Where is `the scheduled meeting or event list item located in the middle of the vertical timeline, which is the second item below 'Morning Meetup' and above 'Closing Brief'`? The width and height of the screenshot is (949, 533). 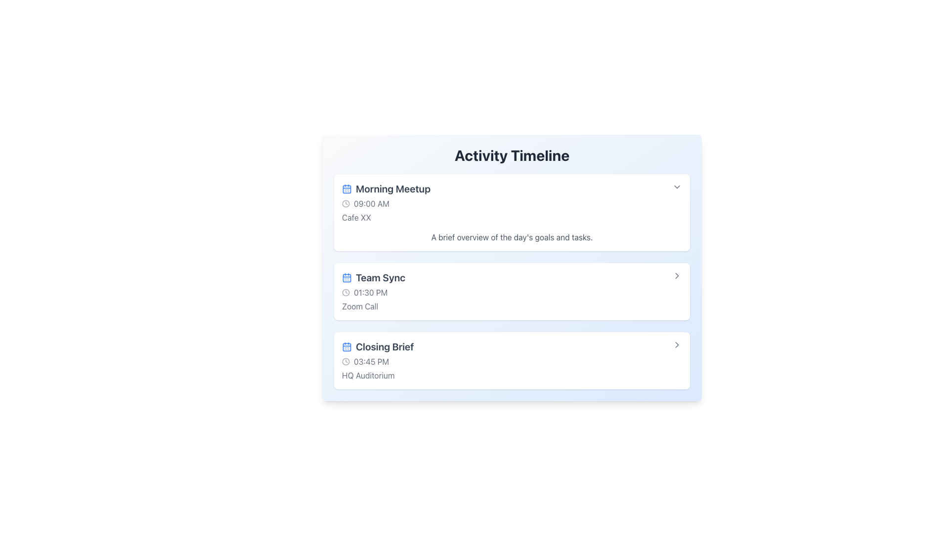
the scheduled meeting or event list item located in the middle of the vertical timeline, which is the second item below 'Morning Meetup' and above 'Closing Brief' is located at coordinates (373, 291).